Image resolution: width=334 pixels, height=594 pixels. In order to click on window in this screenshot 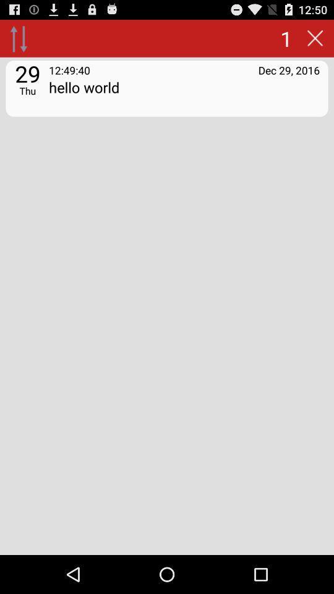, I will do `click(315, 38)`.